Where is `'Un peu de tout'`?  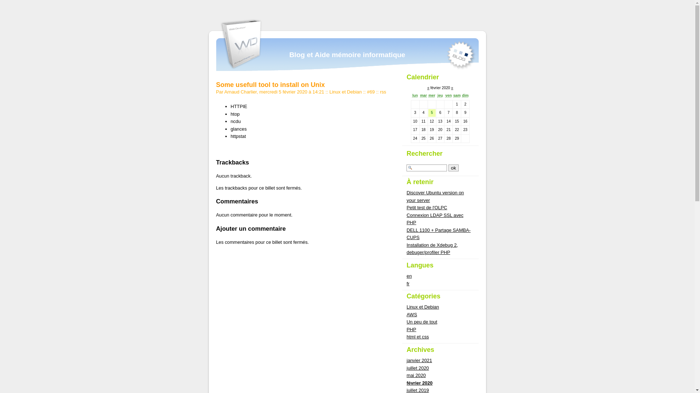 'Un peu de tout' is located at coordinates (406, 321).